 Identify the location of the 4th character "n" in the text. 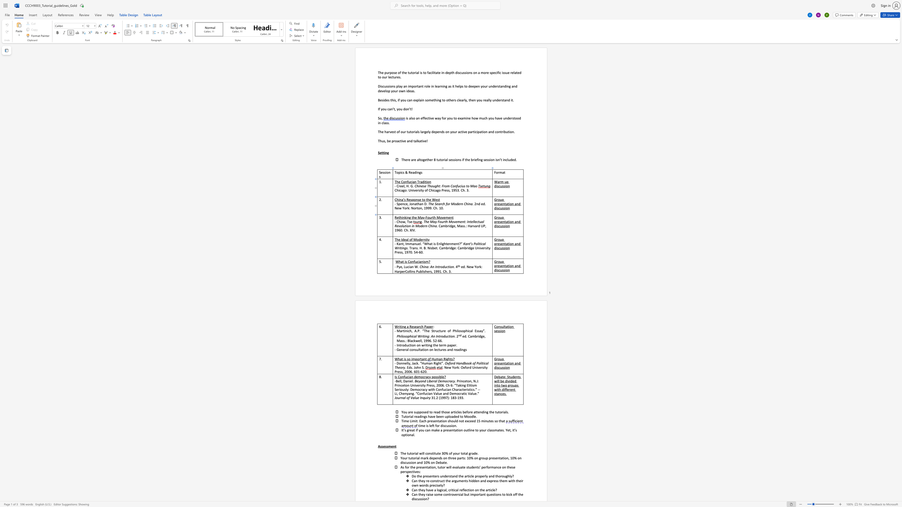
(508, 208).